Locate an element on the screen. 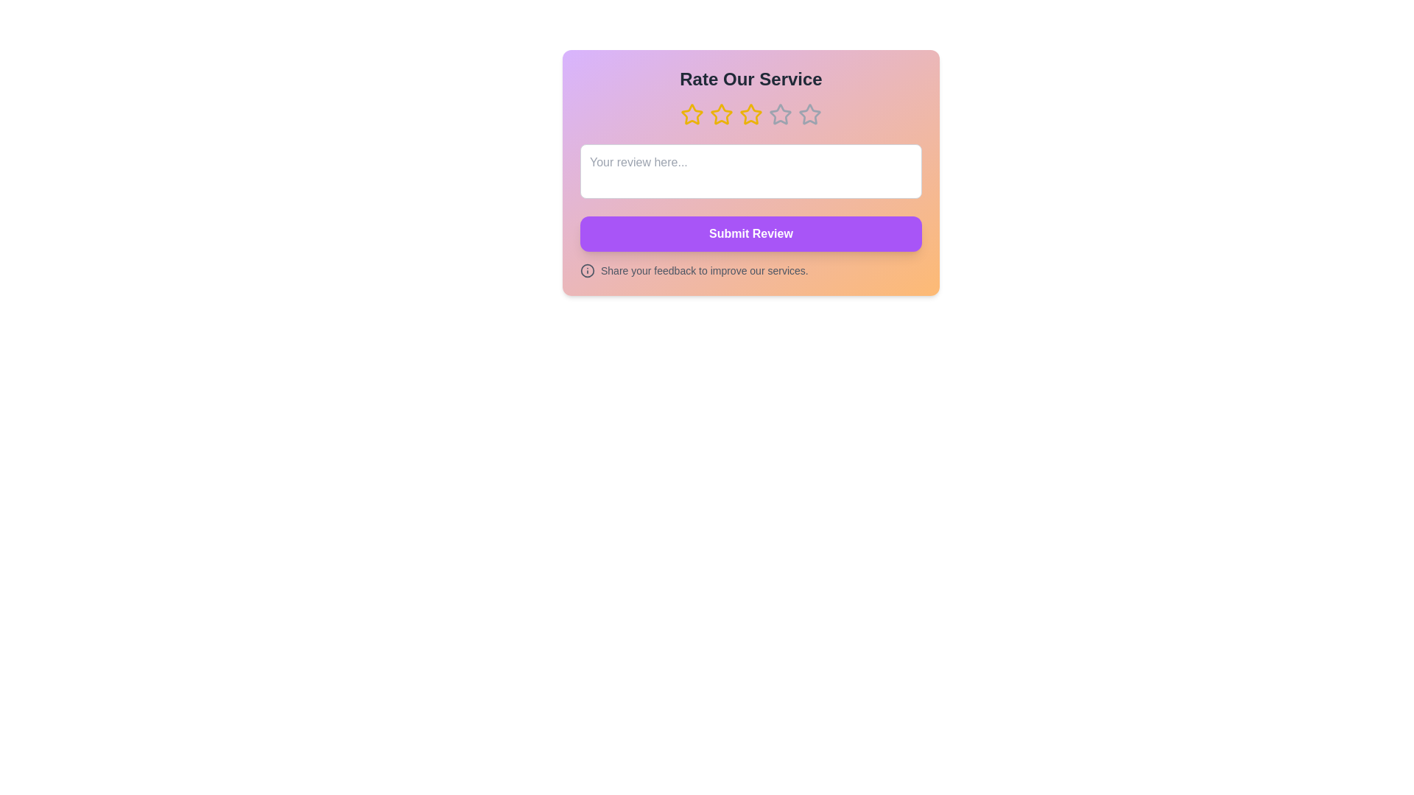 This screenshot has height=795, width=1414. on the first star icon in the rating system, located at the top center of the interface below the 'Rate Our Service' heading is located at coordinates (692, 113).